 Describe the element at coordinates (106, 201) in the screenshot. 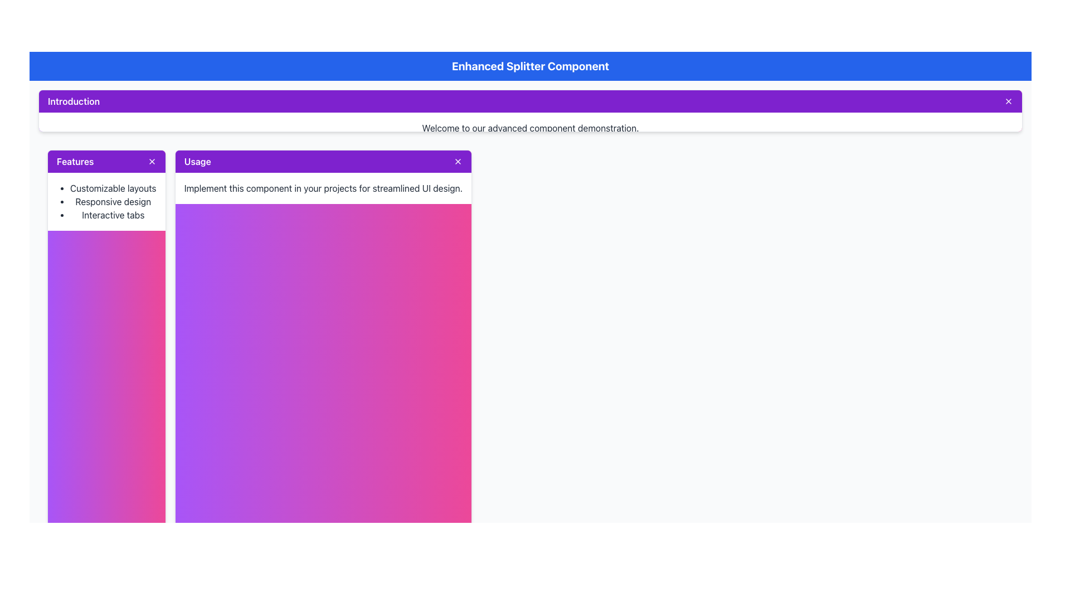

I see `the bulleted list under the 'Features' header, which includes 'Customizable layouts', 'Responsive design', and 'Interactive tabs'` at that location.